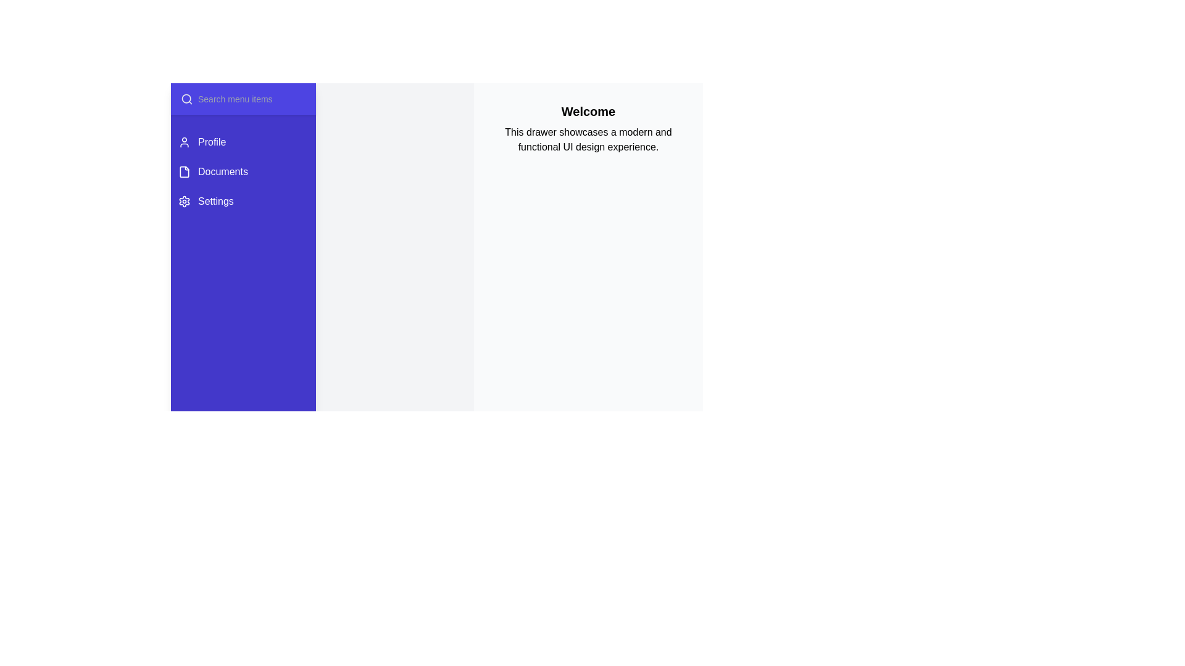  I want to click on the Documents icon in the menu, so click(183, 171).